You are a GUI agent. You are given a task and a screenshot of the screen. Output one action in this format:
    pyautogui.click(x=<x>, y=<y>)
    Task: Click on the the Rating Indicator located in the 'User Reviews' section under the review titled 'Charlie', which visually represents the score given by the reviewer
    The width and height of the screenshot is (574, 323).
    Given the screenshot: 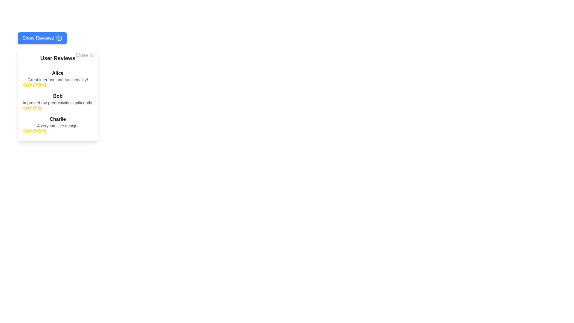 What is the action you would take?
    pyautogui.click(x=58, y=131)
    